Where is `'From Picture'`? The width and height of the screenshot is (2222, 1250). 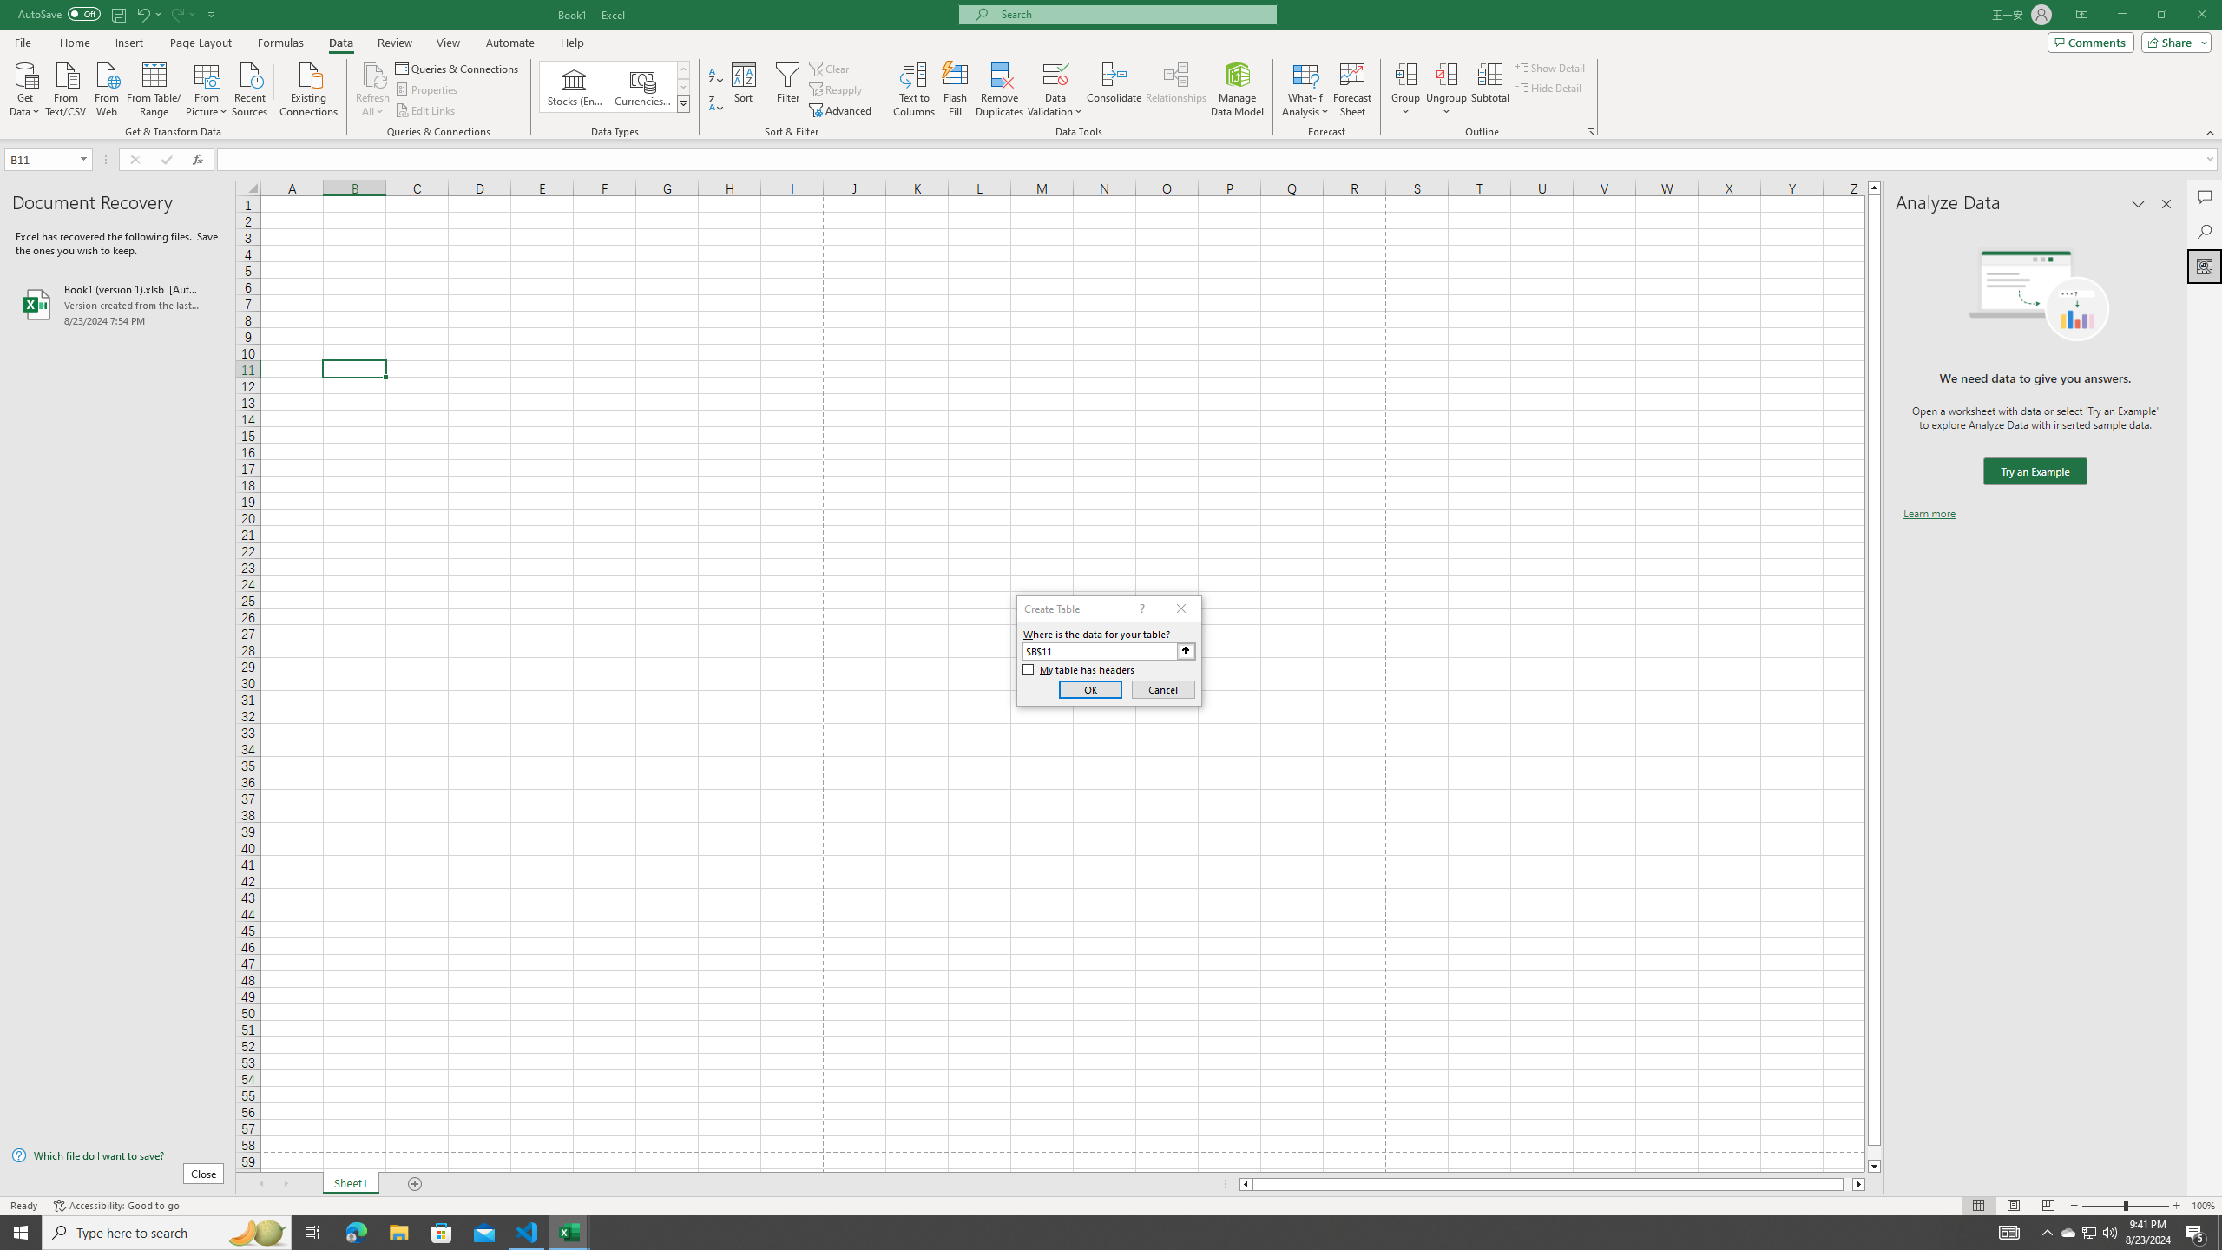 'From Picture' is located at coordinates (207, 87).